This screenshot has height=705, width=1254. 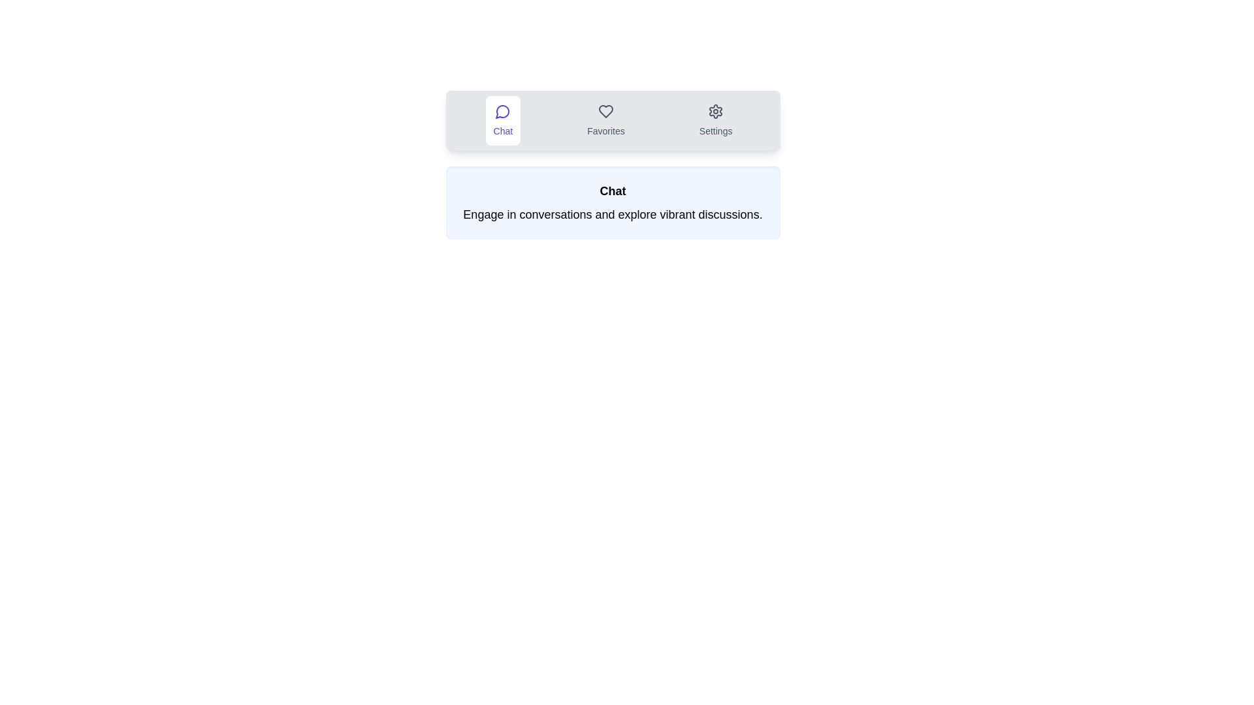 What do you see at coordinates (715, 121) in the screenshot?
I see `the Settings tab by clicking on its button` at bounding box center [715, 121].